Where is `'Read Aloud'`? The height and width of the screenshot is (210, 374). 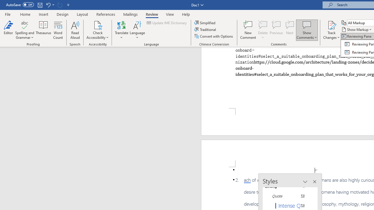 'Read Aloud' is located at coordinates (75, 30).